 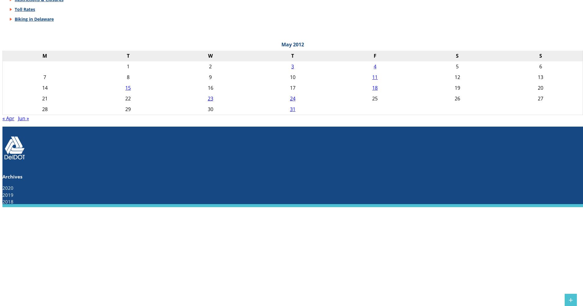 What do you see at coordinates (128, 66) in the screenshot?
I see `'1'` at bounding box center [128, 66].